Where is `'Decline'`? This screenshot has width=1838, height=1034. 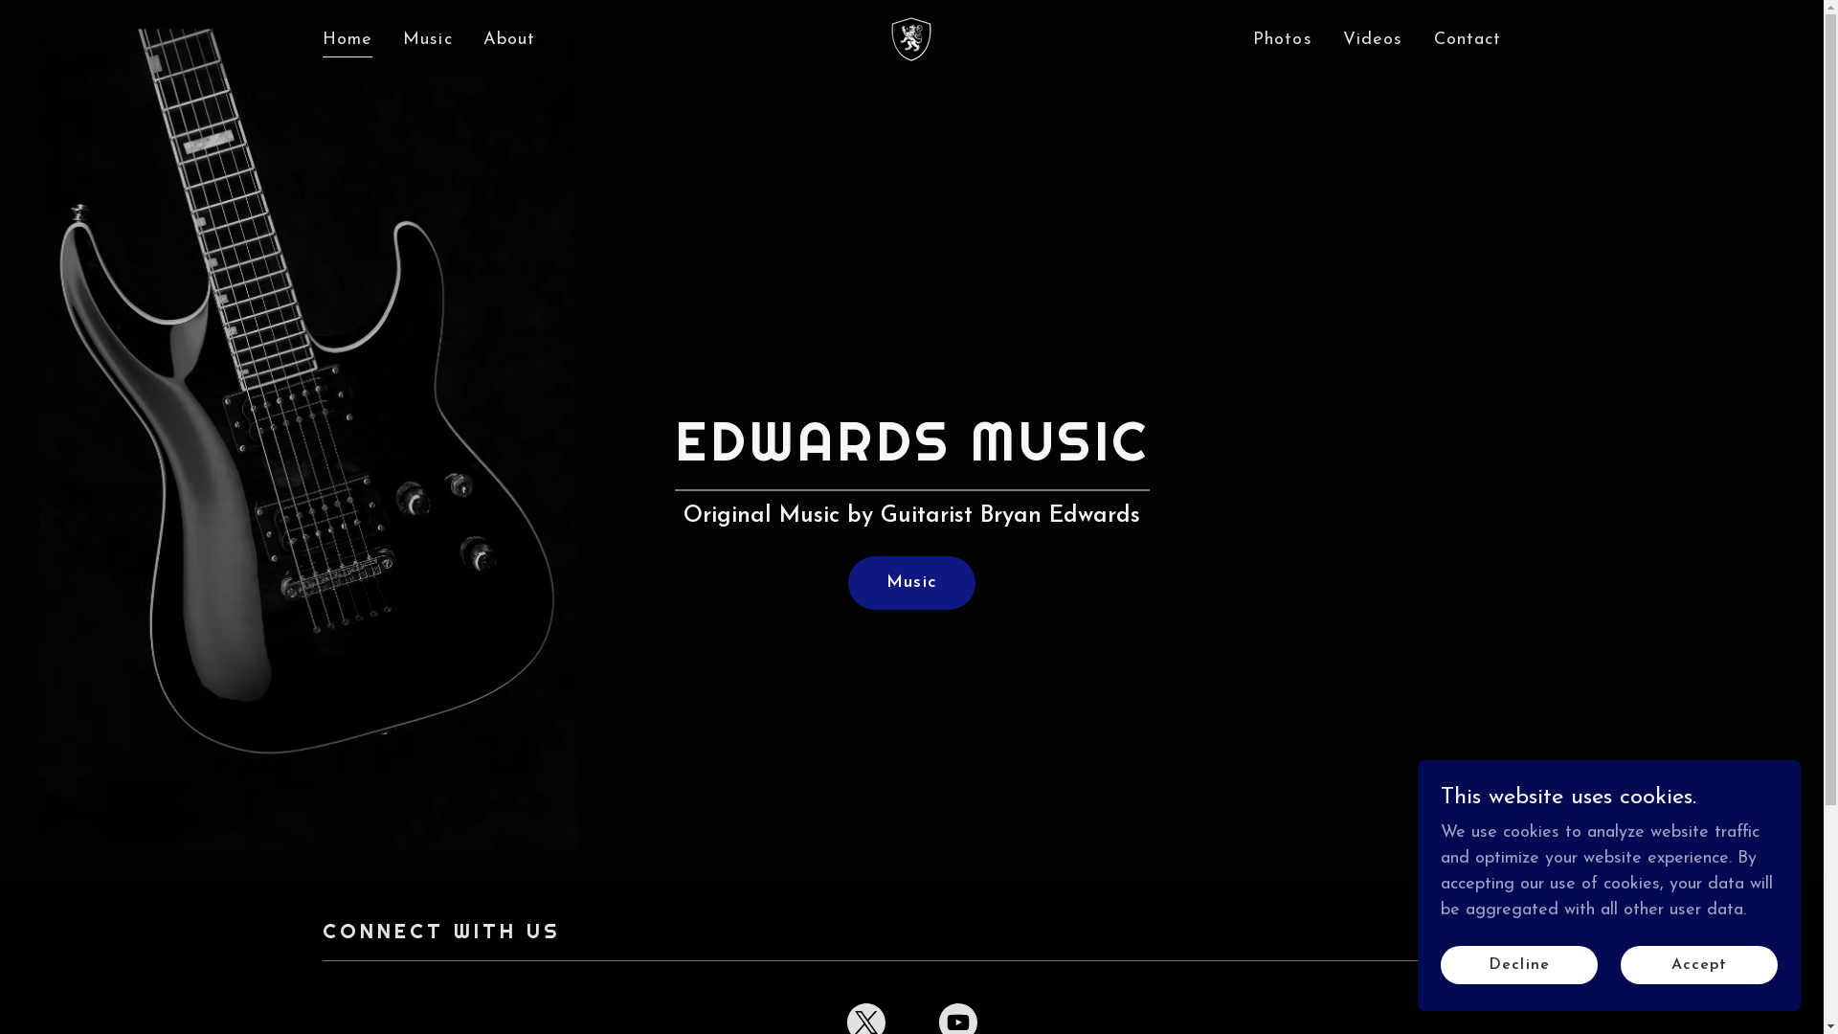 'Decline' is located at coordinates (1518, 964).